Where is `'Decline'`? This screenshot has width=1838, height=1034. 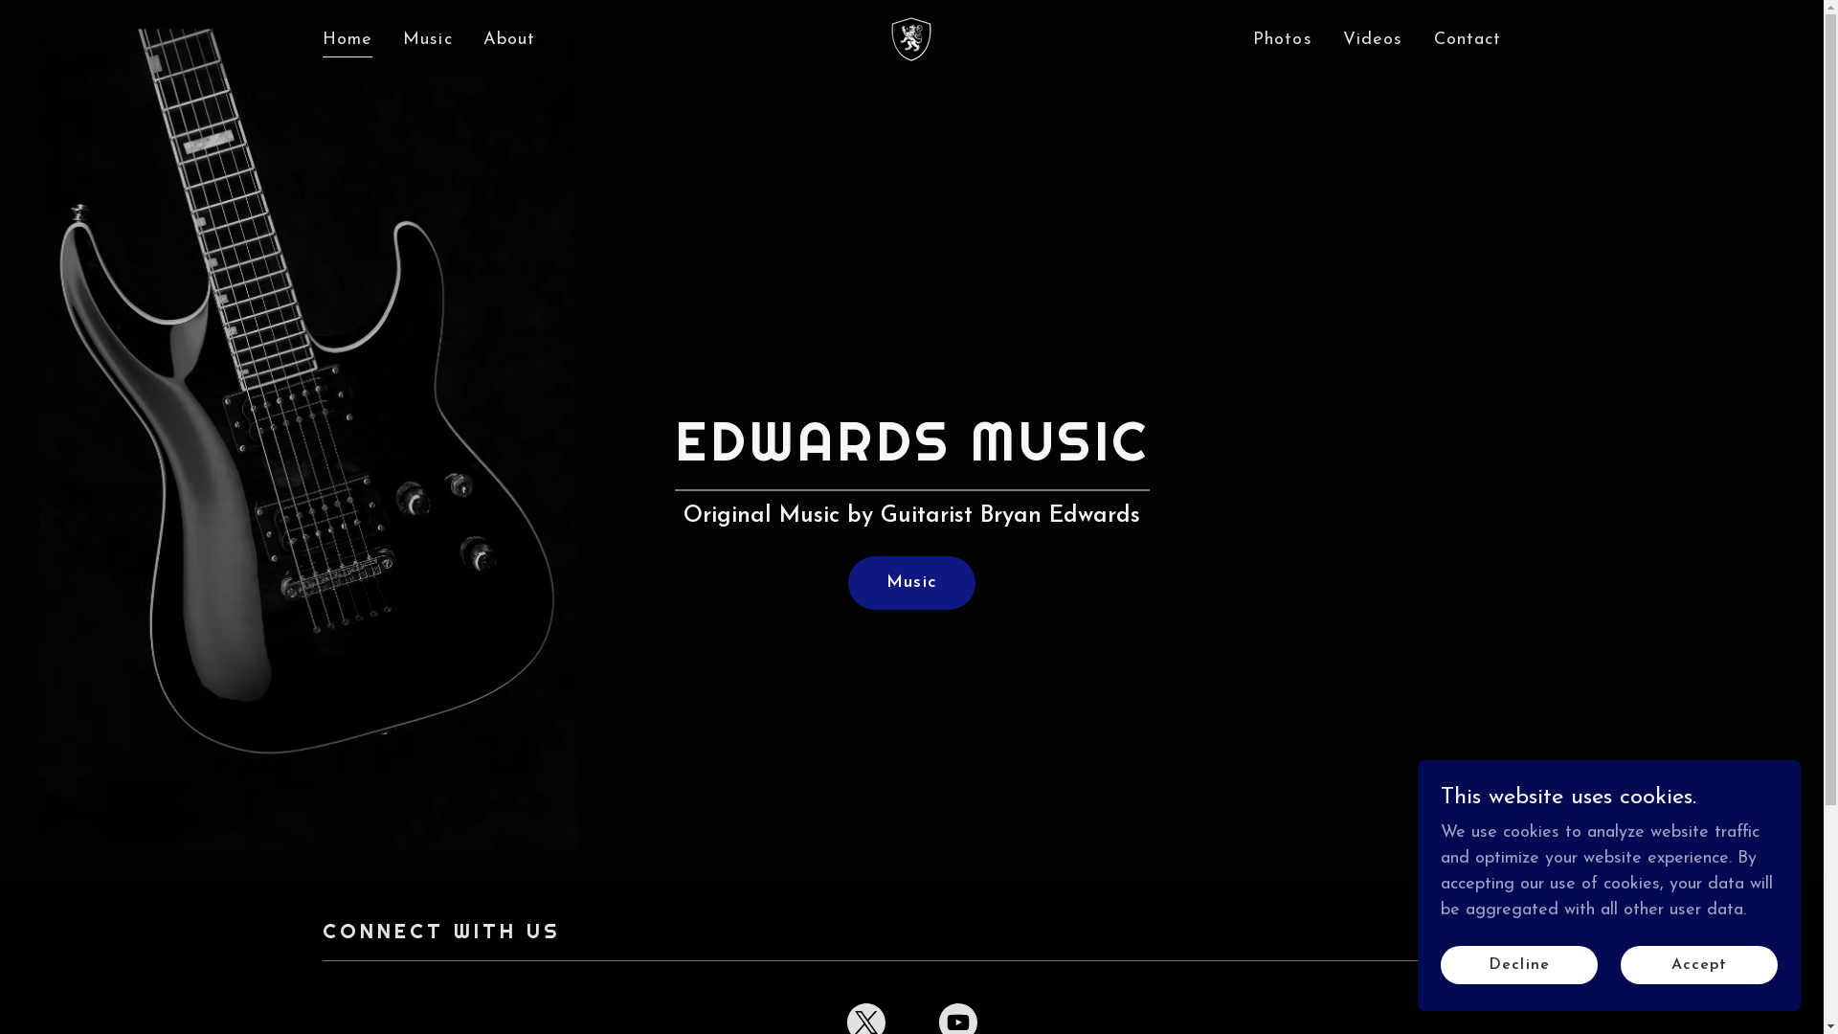 'Decline' is located at coordinates (1518, 964).